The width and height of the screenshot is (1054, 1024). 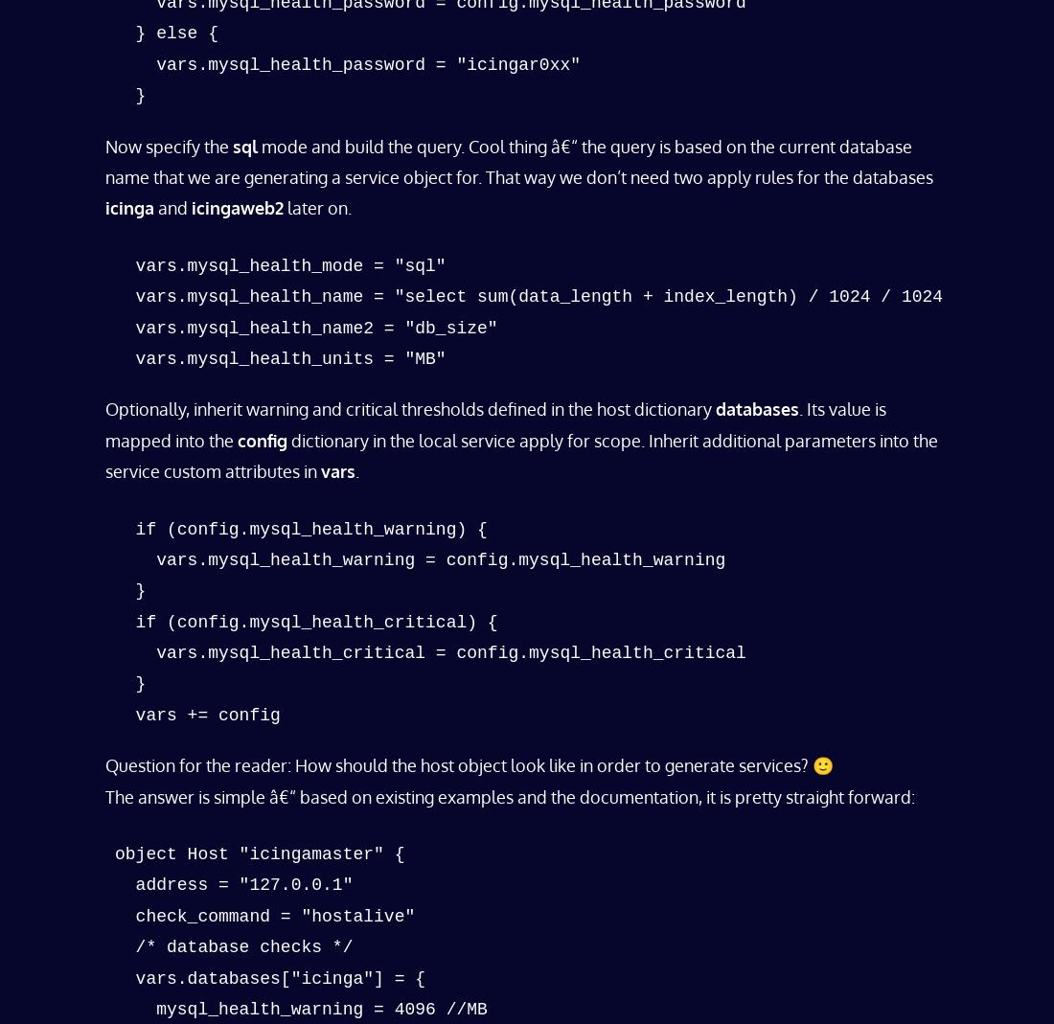 What do you see at coordinates (263, 439) in the screenshot?
I see `'config'` at bounding box center [263, 439].